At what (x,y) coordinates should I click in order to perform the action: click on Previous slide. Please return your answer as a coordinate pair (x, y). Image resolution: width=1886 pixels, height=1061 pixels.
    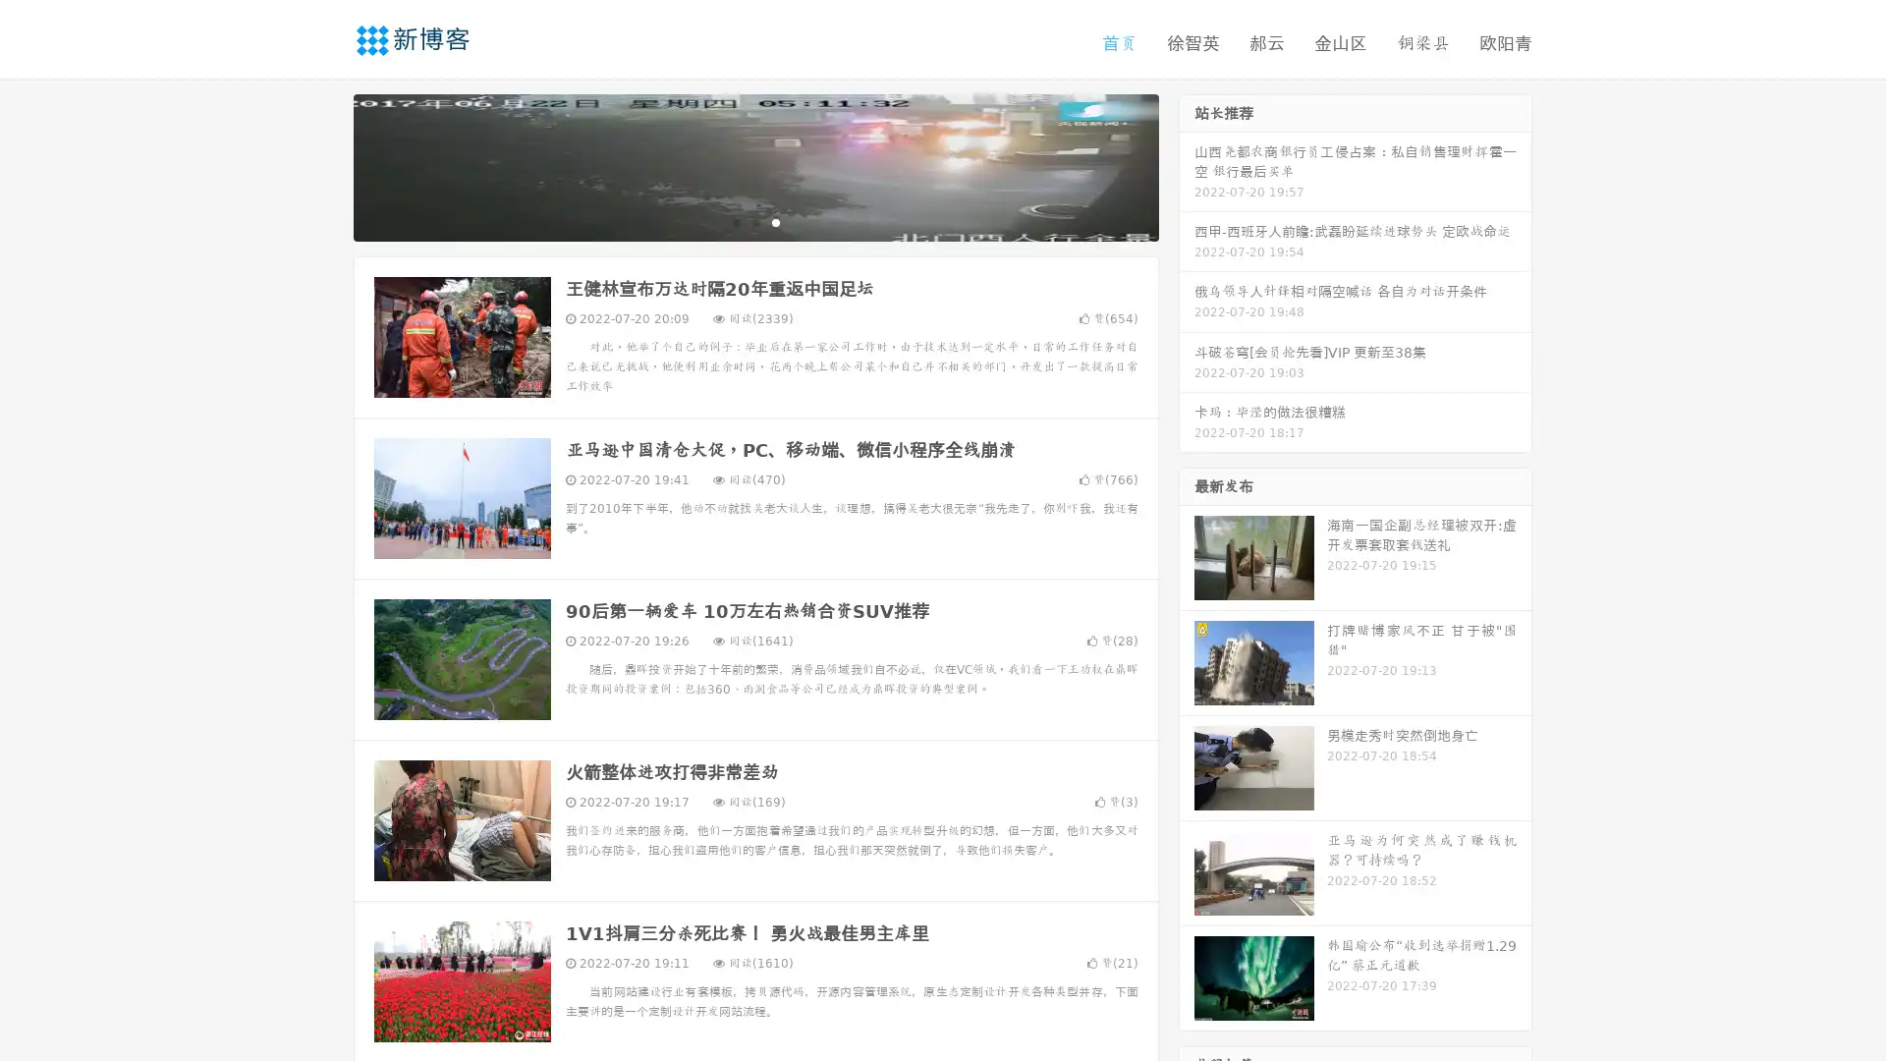
    Looking at the image, I should click on (324, 165).